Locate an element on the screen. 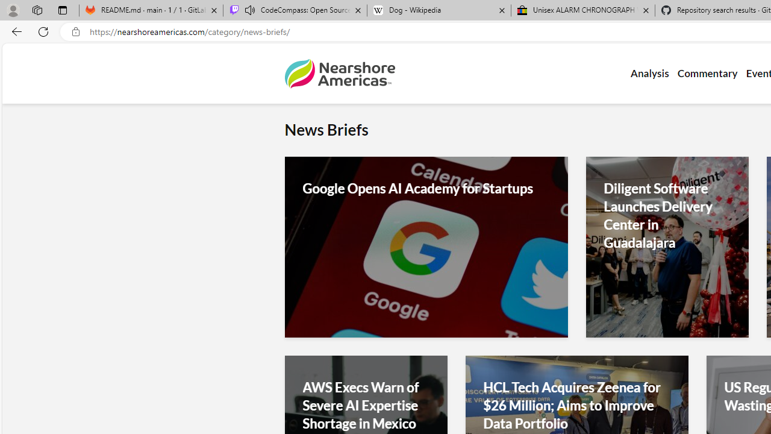  'Analysis' is located at coordinates (649, 74).